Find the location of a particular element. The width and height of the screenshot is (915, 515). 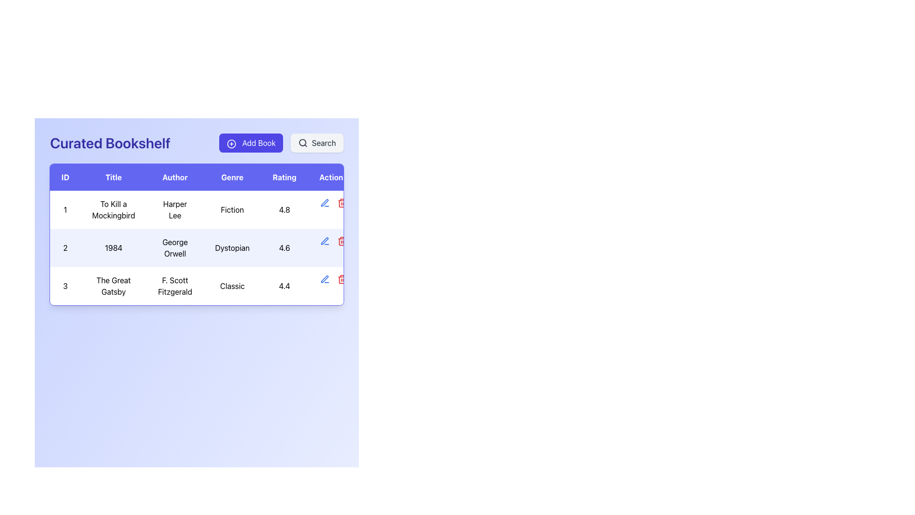

the 'Fiction' genre label in the first row of the Curated Bookshelf interface, located in the fourth column of the table is located at coordinates (232, 209).